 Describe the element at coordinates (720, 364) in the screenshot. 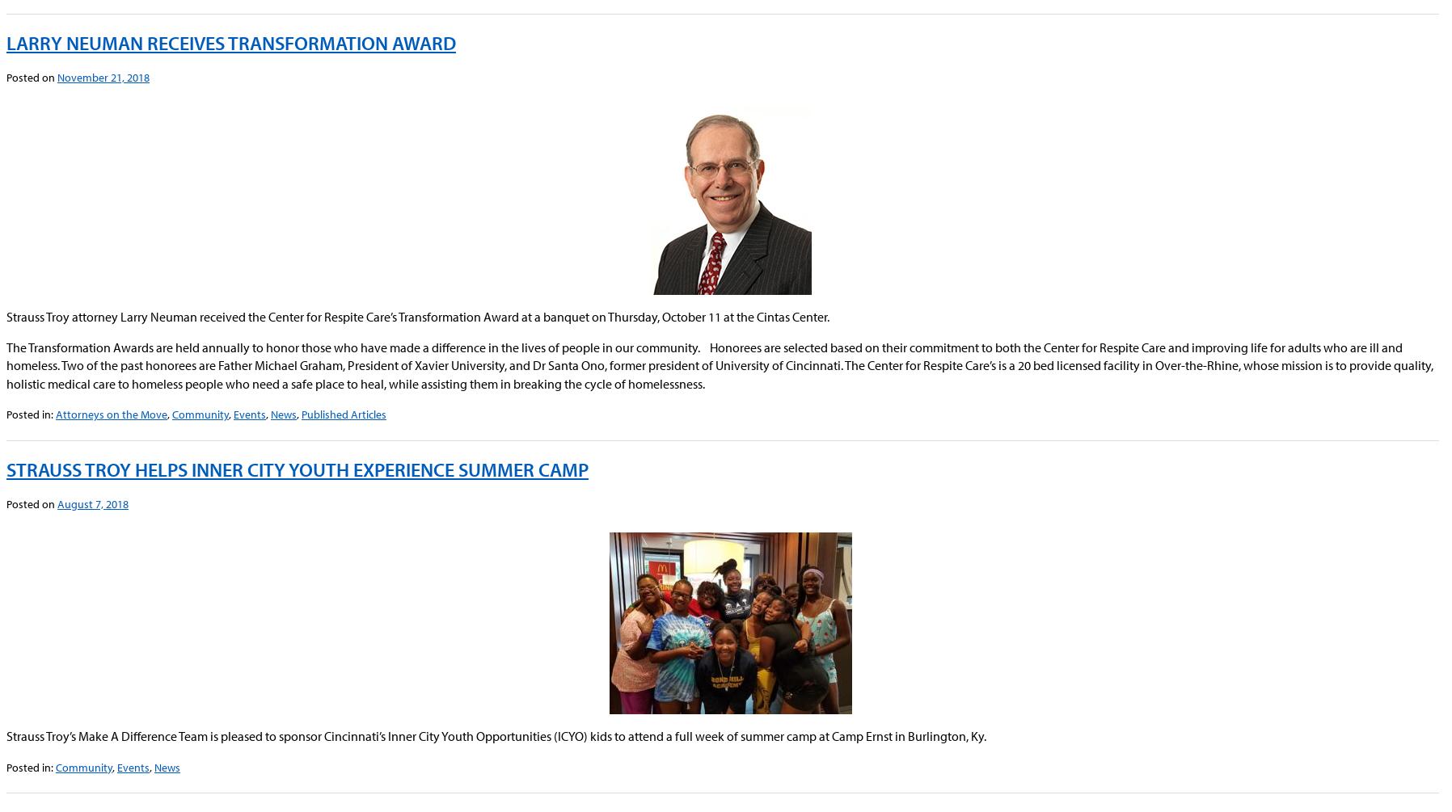

I see `'The Transformation Awards are held annually to honor those who have made a difference in the lives of people in our community.    Honorees are selected based on their commitment to both the Center for Respite Care and improving life for adults who are ill and homeless. Two of the past honorees are Father Michael Graham, President of Xavier University, and Dr Santa Ono, former president of University of Cincinnati. The Center for Respite Care’s is a 20 bed licensed facility in Over-the-Rhine, whose mission is to provide quality, holistic medical care to homeless people who need a safe place to heal, while assisting them in breaking the cycle of homelessness.'` at that location.